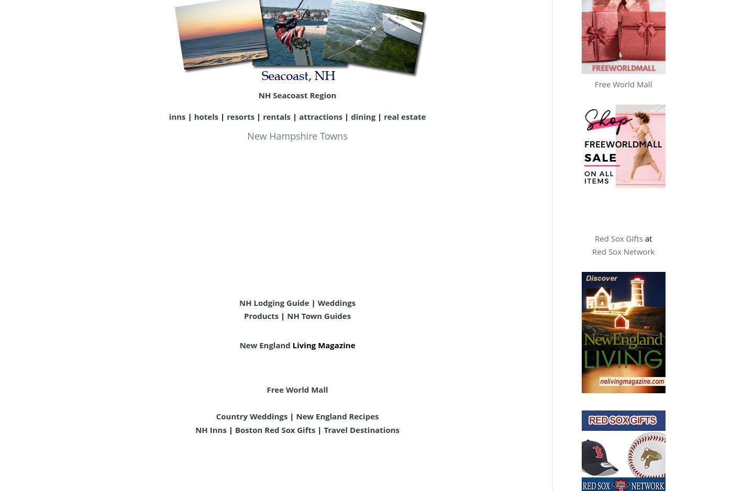  What do you see at coordinates (336, 301) in the screenshot?
I see `'Weddings'` at bounding box center [336, 301].